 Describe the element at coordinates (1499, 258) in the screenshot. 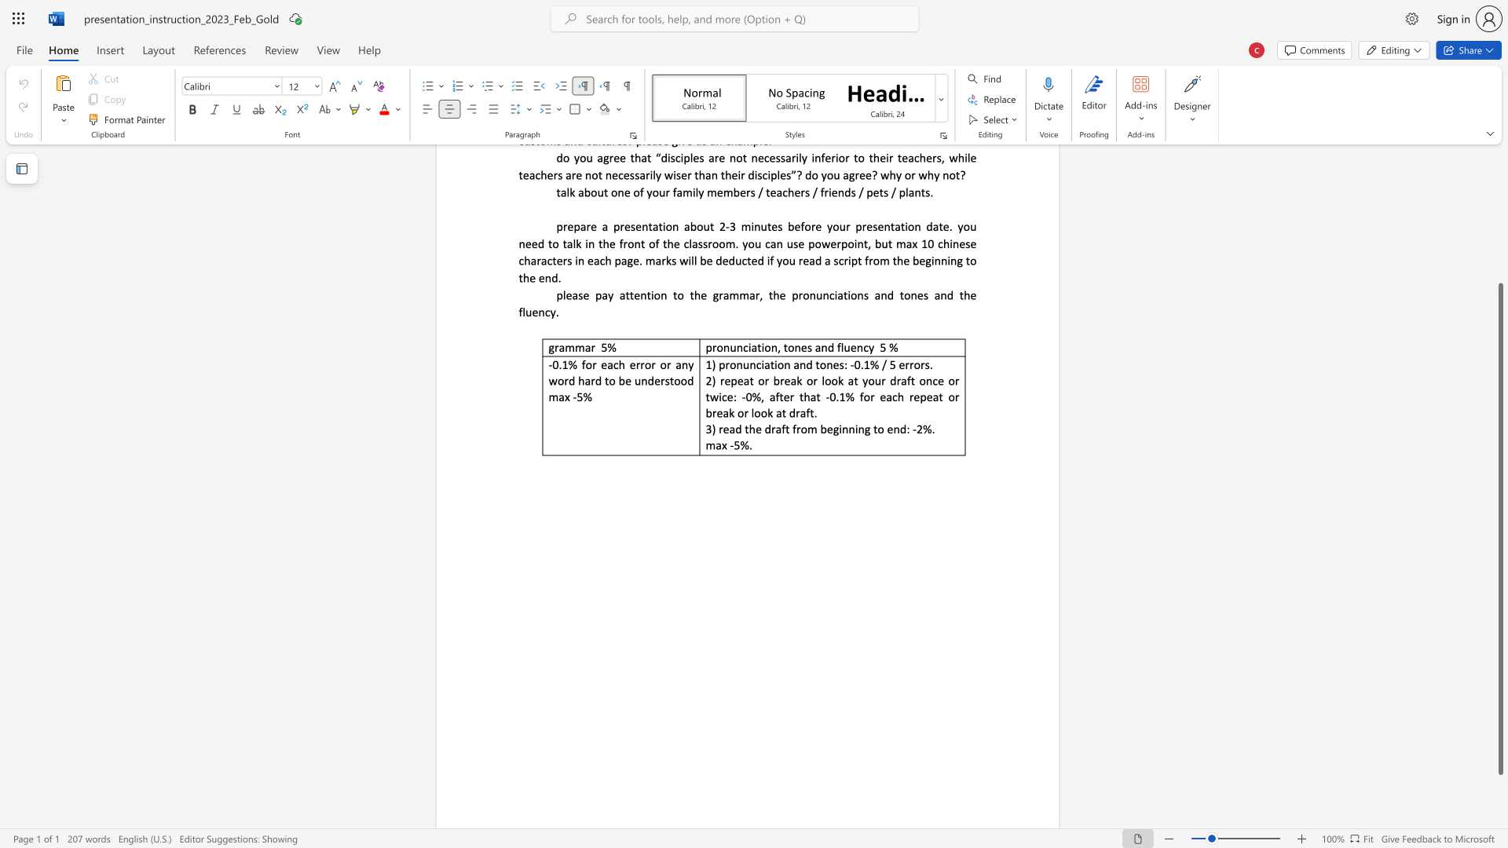

I see `the scrollbar on the right to move the page upward` at that location.